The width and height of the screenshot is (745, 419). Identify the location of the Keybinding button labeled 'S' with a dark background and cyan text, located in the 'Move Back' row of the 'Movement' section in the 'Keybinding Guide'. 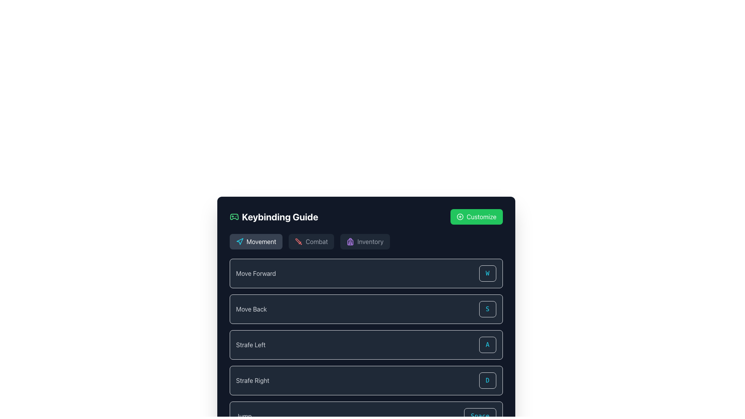
(487, 309).